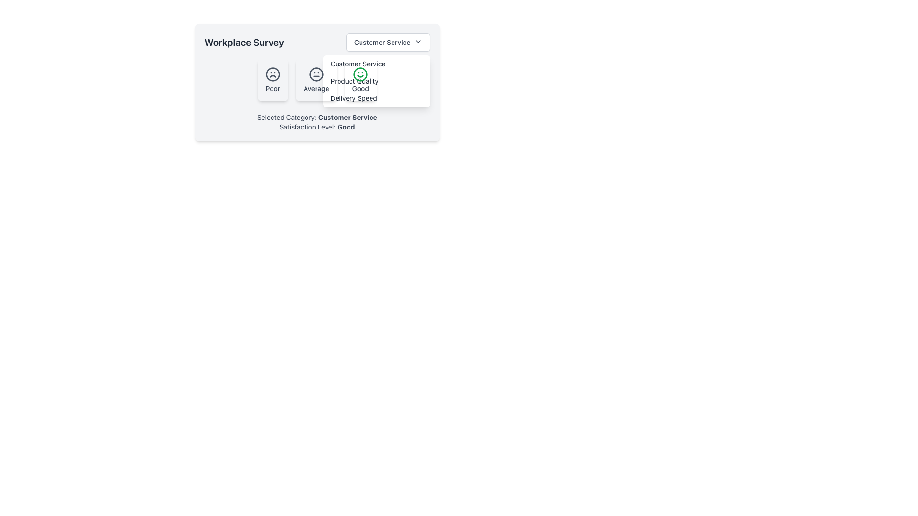 This screenshot has width=918, height=516. Describe the element at coordinates (360, 74) in the screenshot. I see `the circular smiling face icon with a green outline, located above the 'Good' label in the user ratings card` at that location.